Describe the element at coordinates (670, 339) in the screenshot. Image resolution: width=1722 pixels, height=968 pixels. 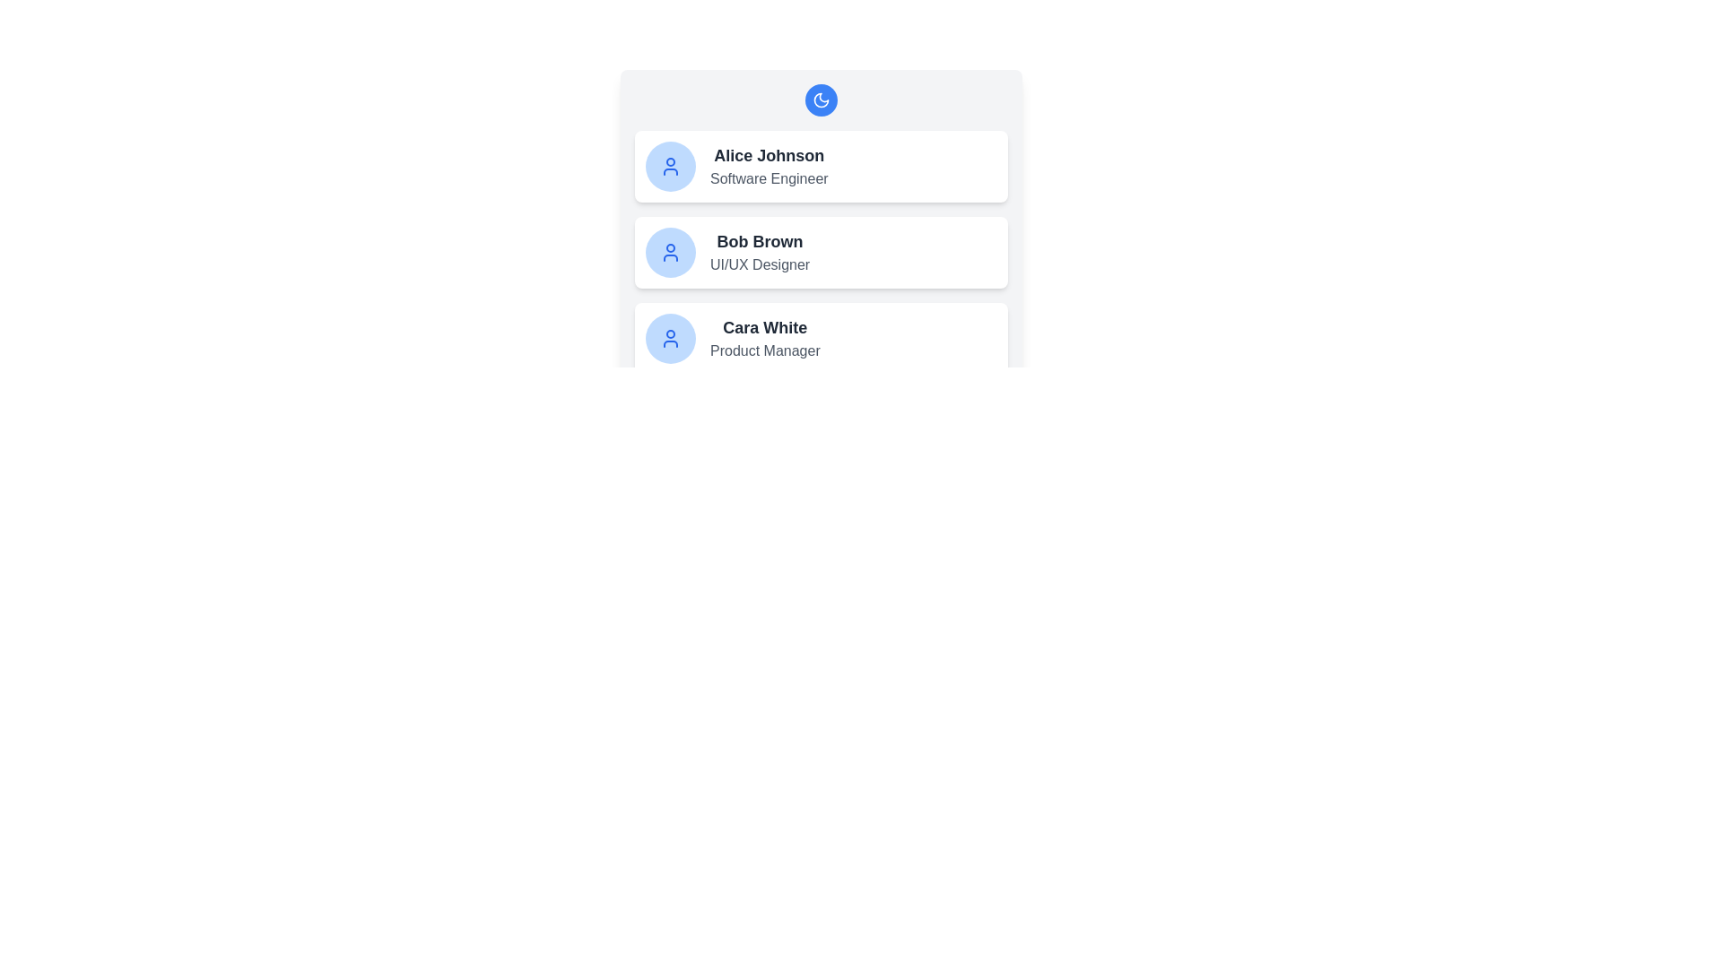
I see `the circular blue icon representing a user, which is located to the left of the text describing 'Cara White' as the Product Manager, to interact with it` at that location.